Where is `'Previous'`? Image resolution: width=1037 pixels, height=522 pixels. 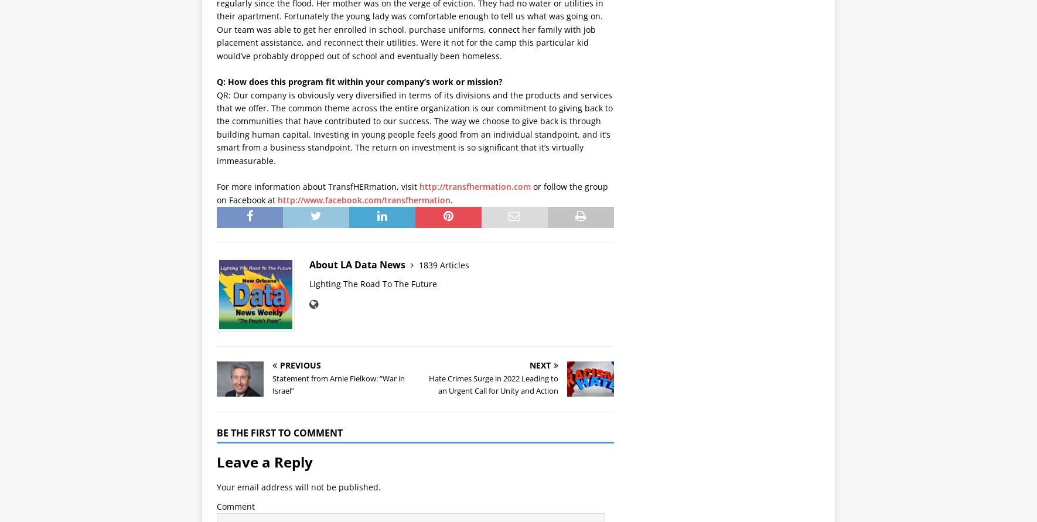 'Previous' is located at coordinates (300, 365).